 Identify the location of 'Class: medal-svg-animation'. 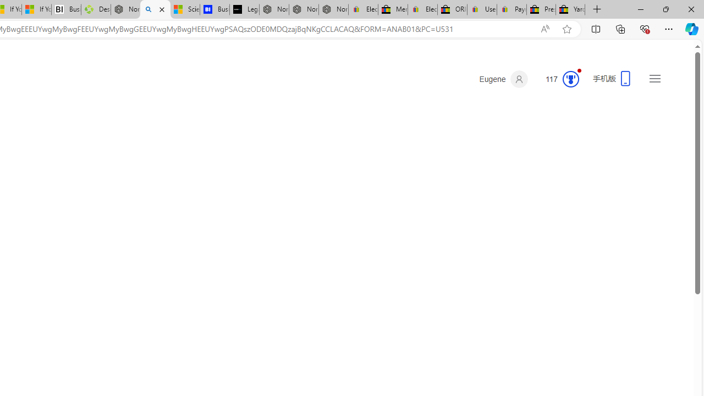
(570, 79).